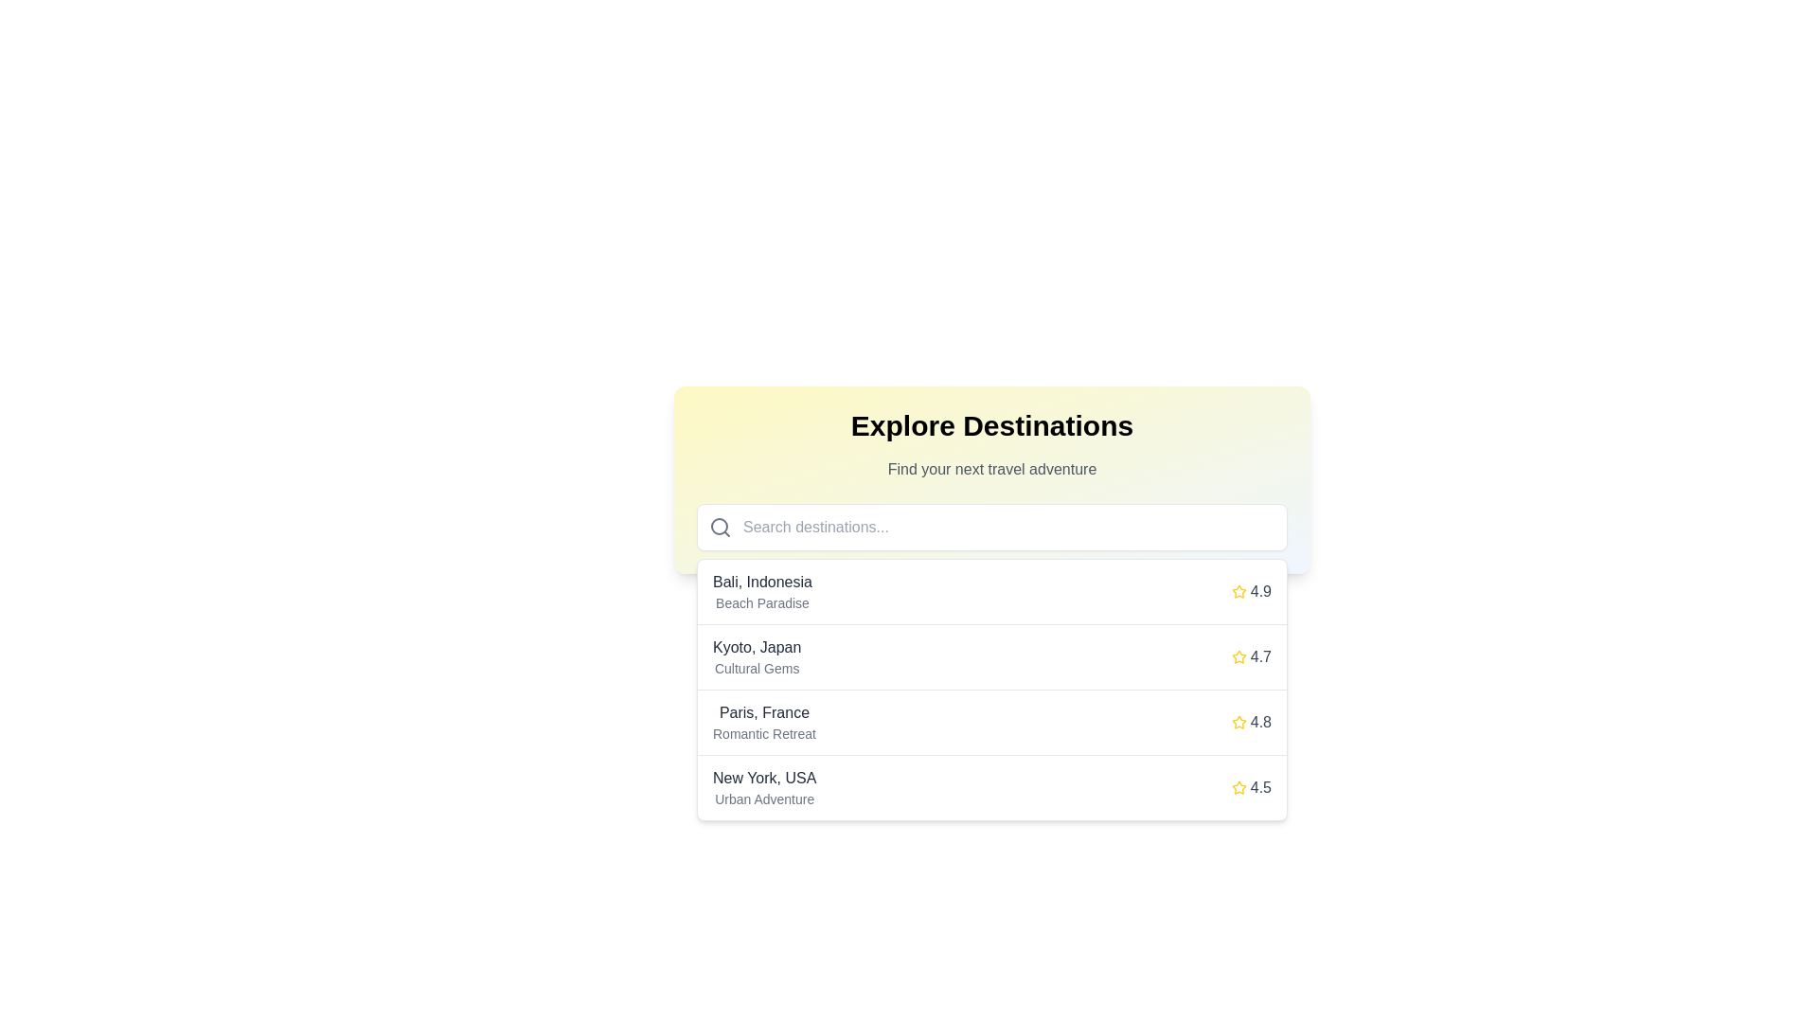 The width and height of the screenshot is (1818, 1023). Describe the element at coordinates (1239, 655) in the screenshot. I see `the star icon located to the right of the second list item` at that location.